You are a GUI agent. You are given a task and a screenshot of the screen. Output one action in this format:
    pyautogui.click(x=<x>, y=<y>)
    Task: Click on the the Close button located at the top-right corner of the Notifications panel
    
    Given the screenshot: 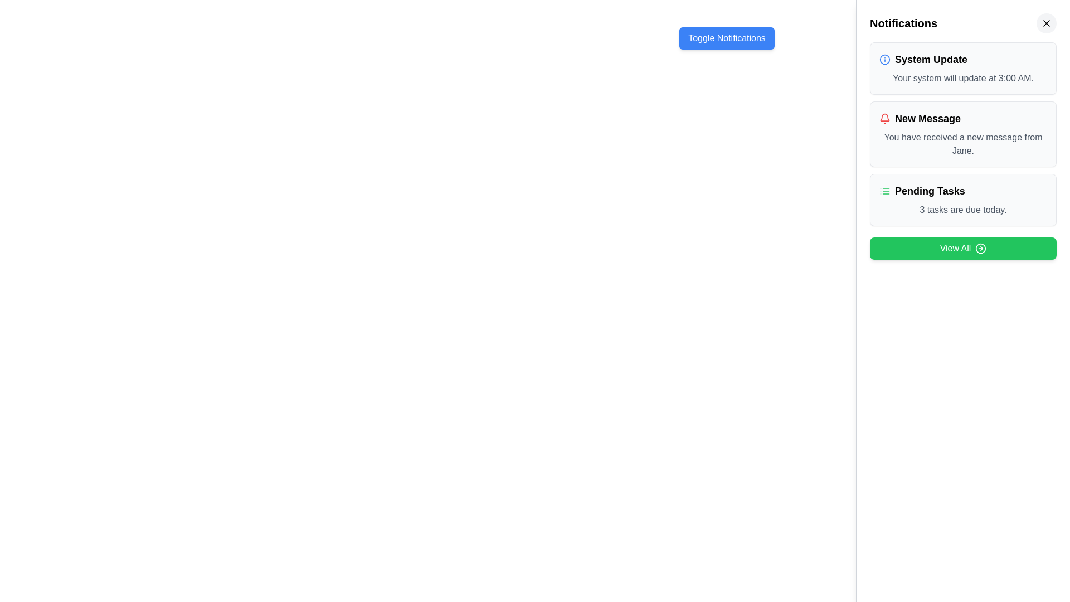 What is the action you would take?
    pyautogui.click(x=1045, y=23)
    